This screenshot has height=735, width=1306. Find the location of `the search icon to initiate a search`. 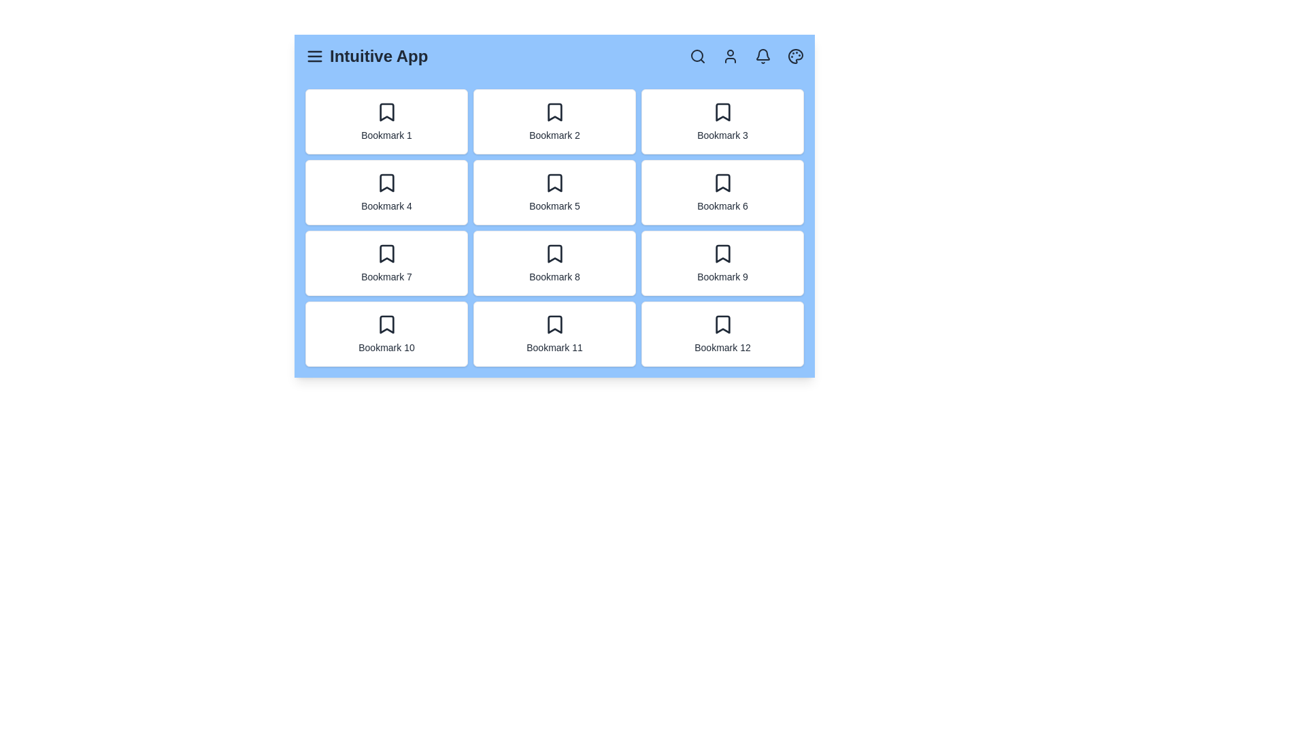

the search icon to initiate a search is located at coordinates (698, 56).